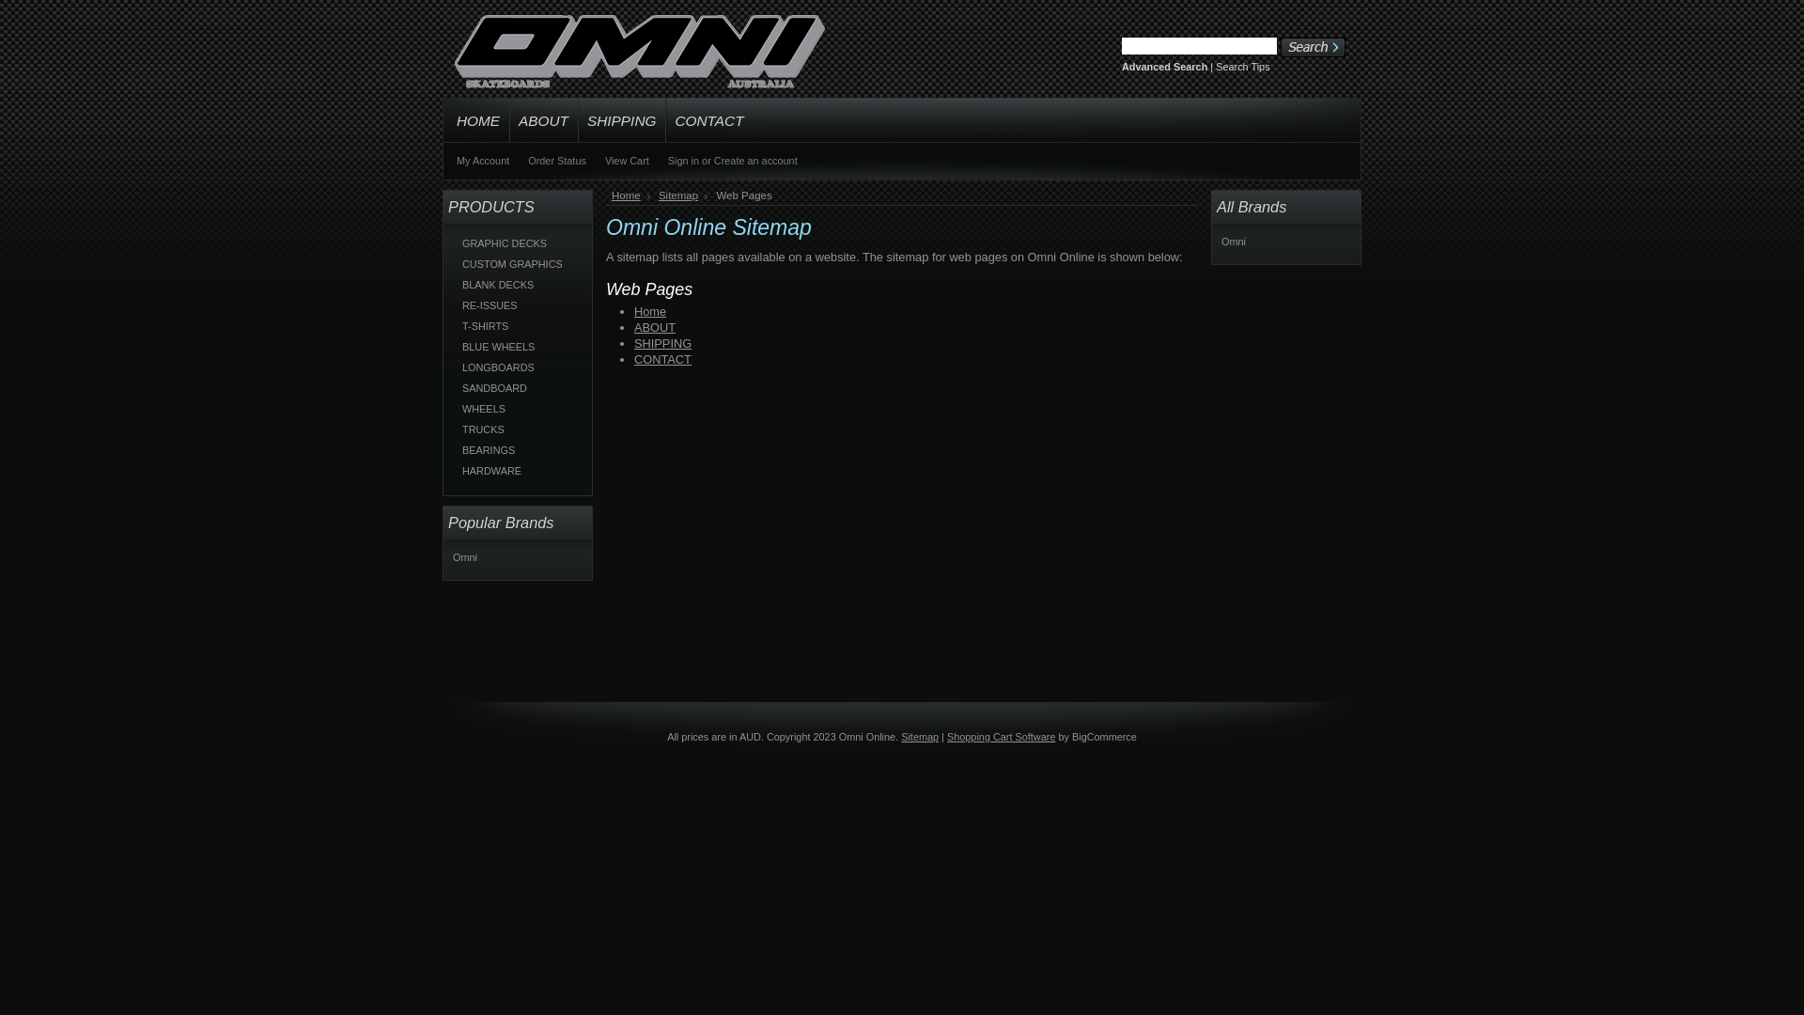 The width and height of the screenshot is (1804, 1015). I want to click on 'BLUE WHEELS', so click(519, 347).